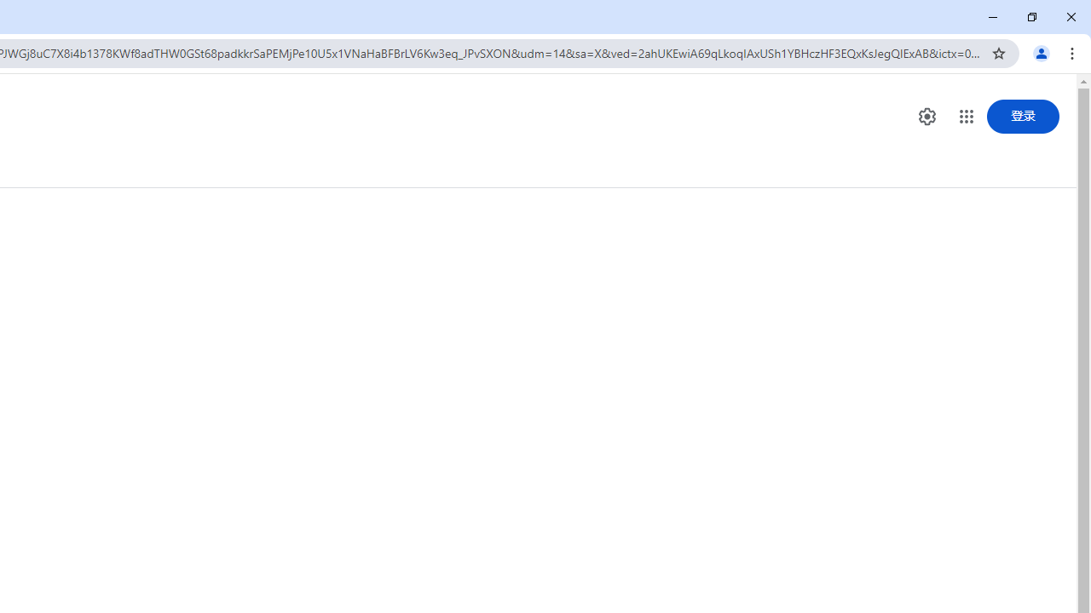 The image size is (1091, 613). I want to click on 'Chrome', so click(1073, 52).